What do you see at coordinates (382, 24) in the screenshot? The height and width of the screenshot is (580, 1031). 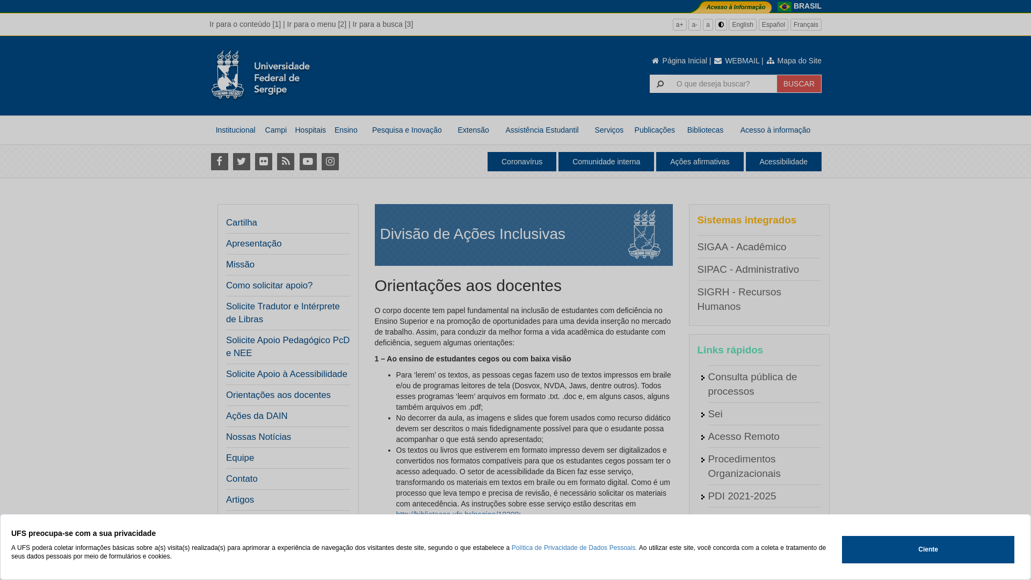 I see `'Ir para a busca [3]'` at bounding box center [382, 24].